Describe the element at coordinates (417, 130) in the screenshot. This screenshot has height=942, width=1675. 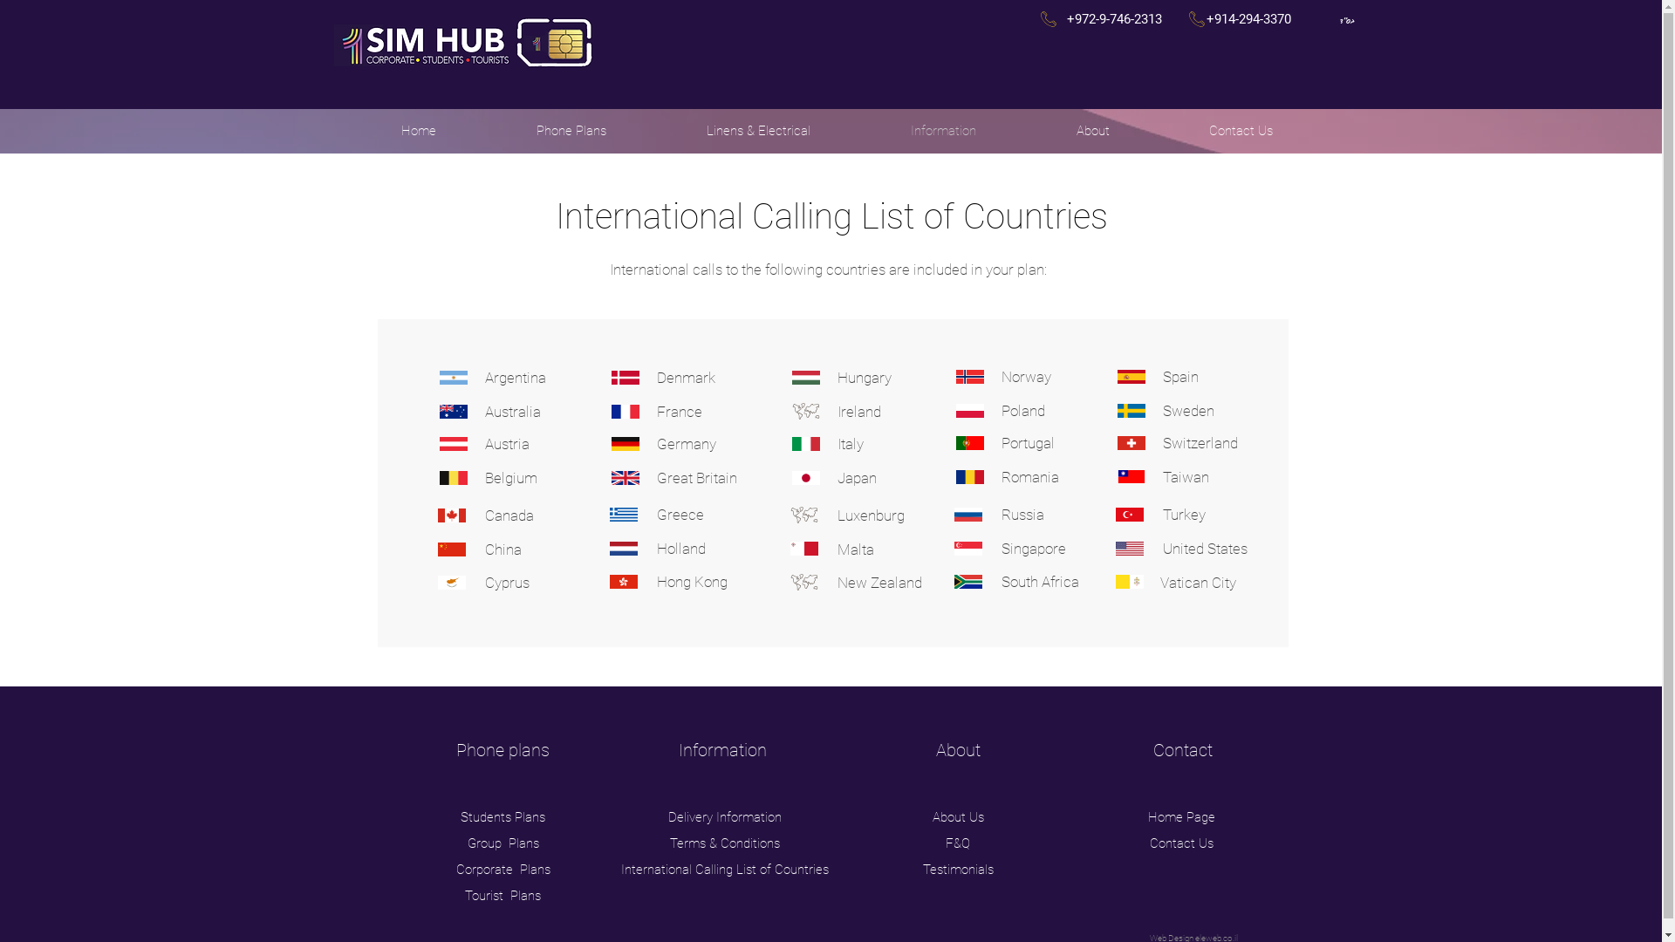
I see `'Home'` at that location.